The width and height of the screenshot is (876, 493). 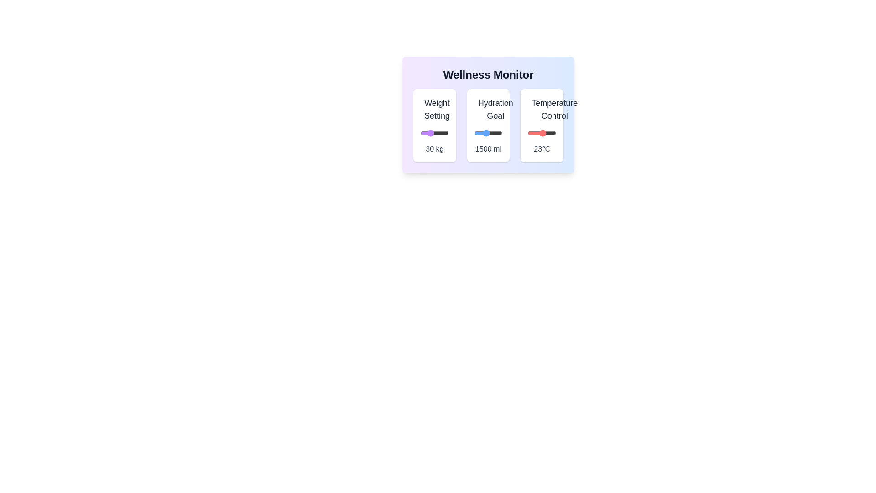 What do you see at coordinates (428, 111) in the screenshot?
I see `the iconographic symbol located within the first card of the Wellness Monitor panel in the Weight Setting section` at bounding box center [428, 111].